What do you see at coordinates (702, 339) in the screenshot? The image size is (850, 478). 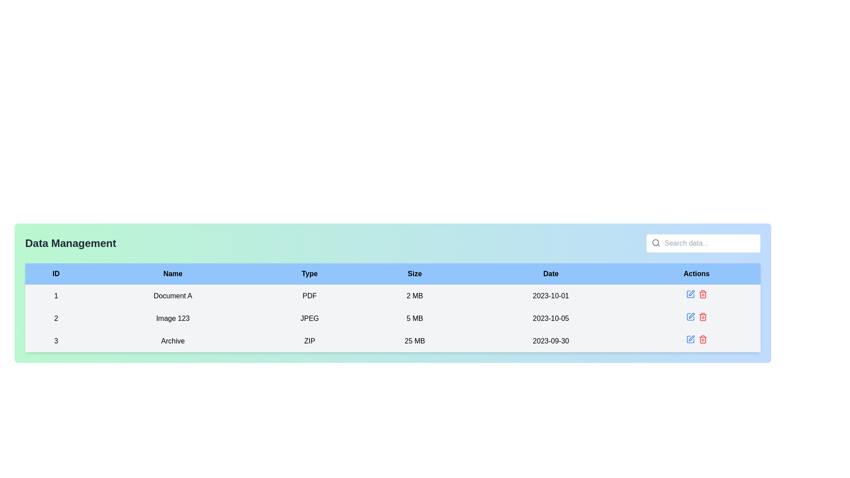 I see `the delete icon in the 'Actions' column of the table` at bounding box center [702, 339].